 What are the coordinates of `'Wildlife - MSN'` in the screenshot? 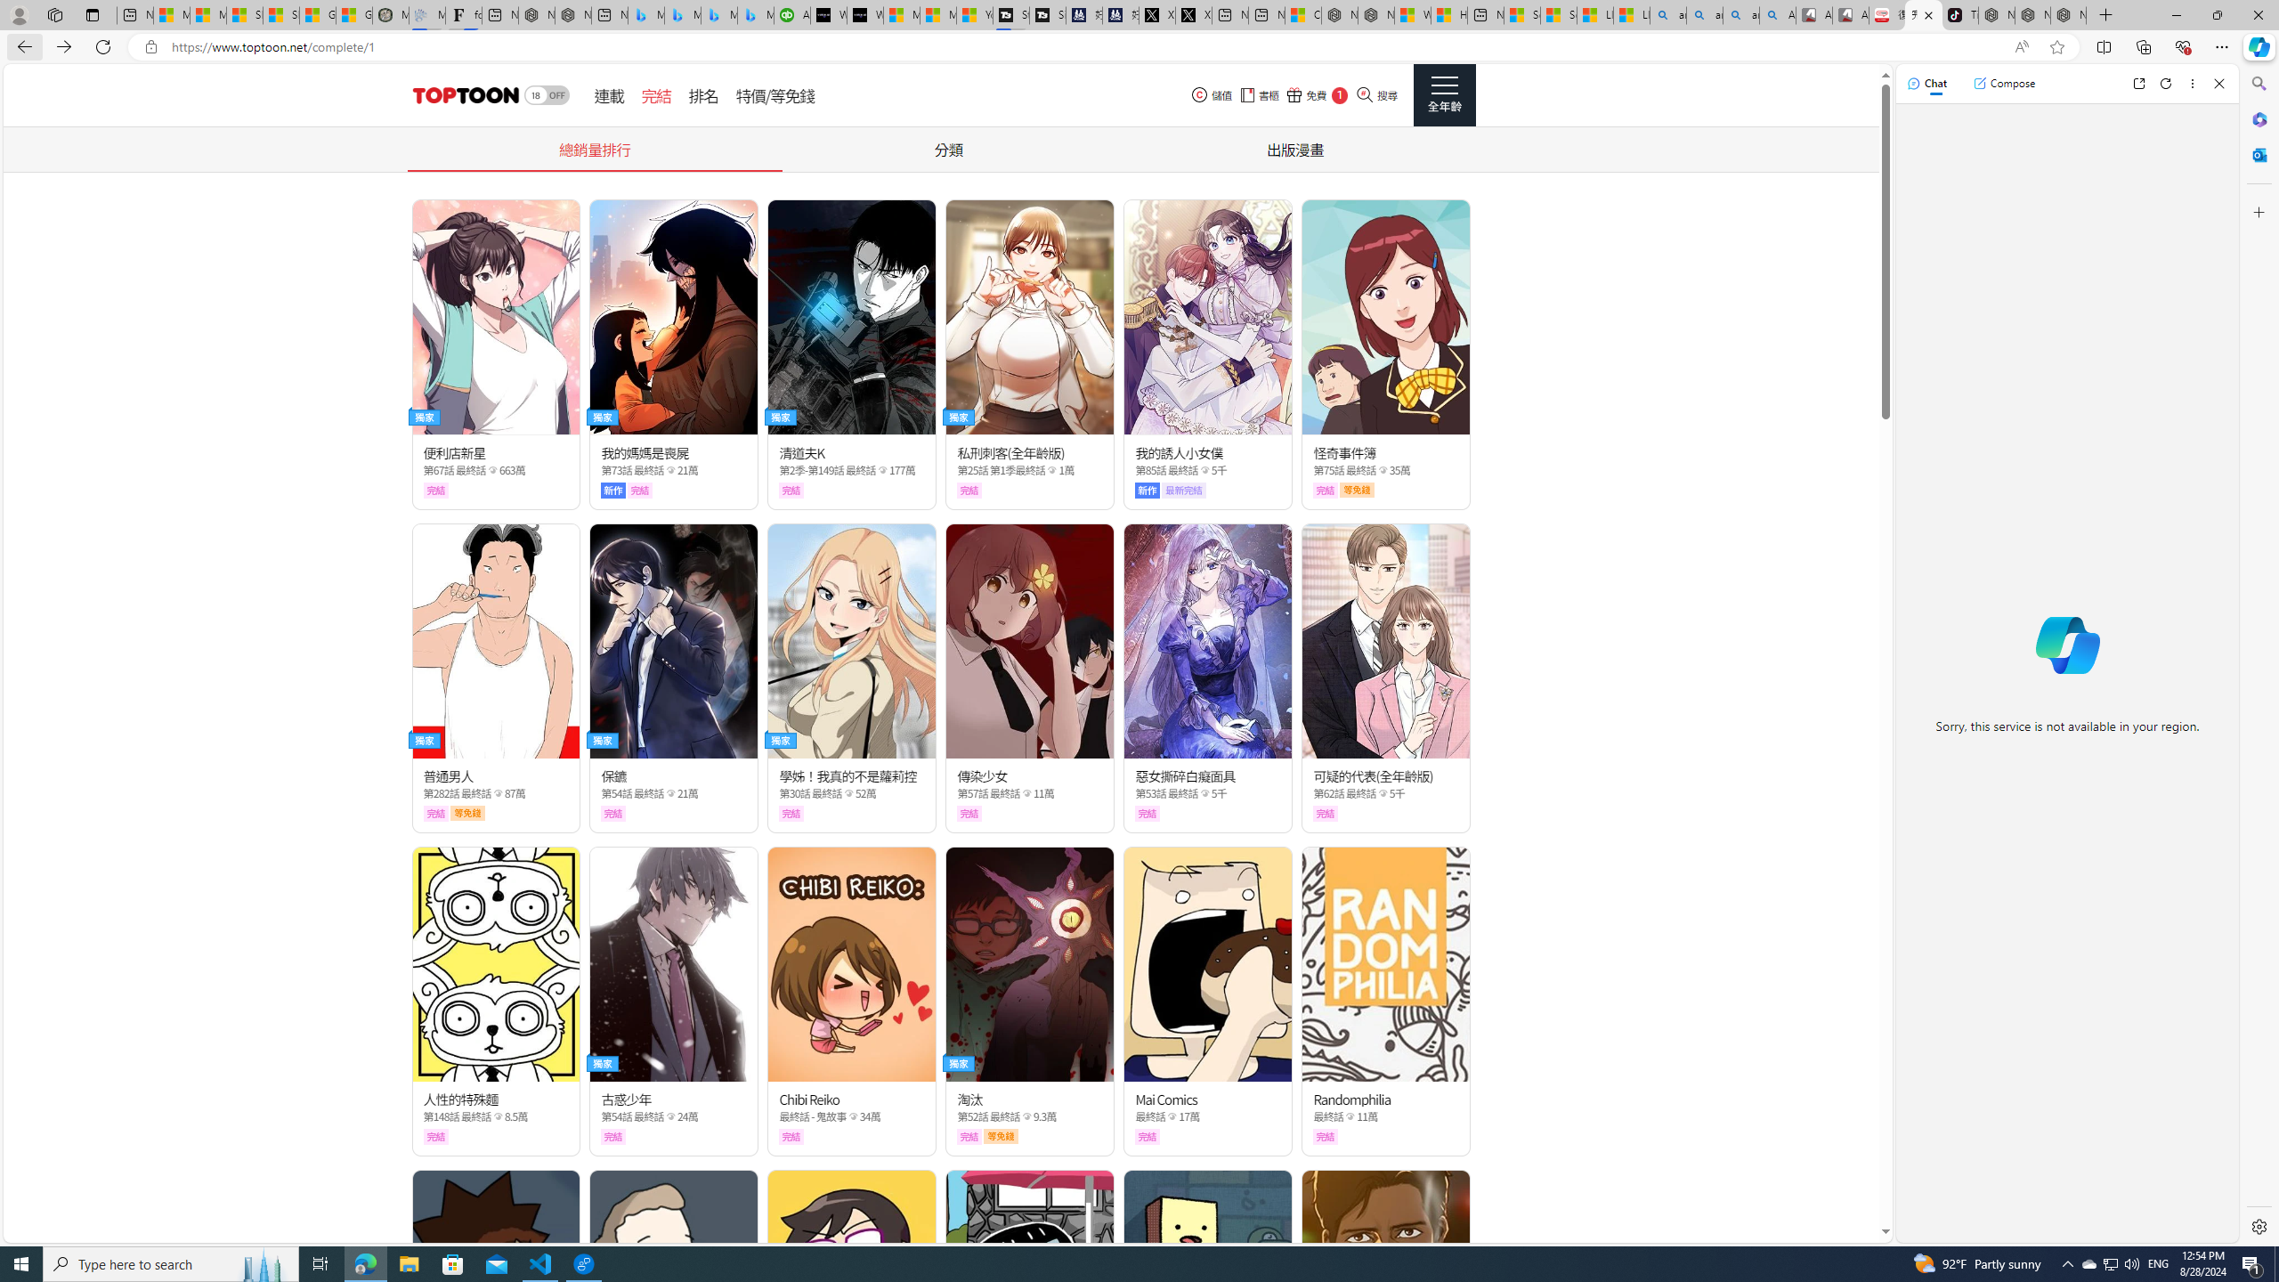 It's located at (1412, 14).